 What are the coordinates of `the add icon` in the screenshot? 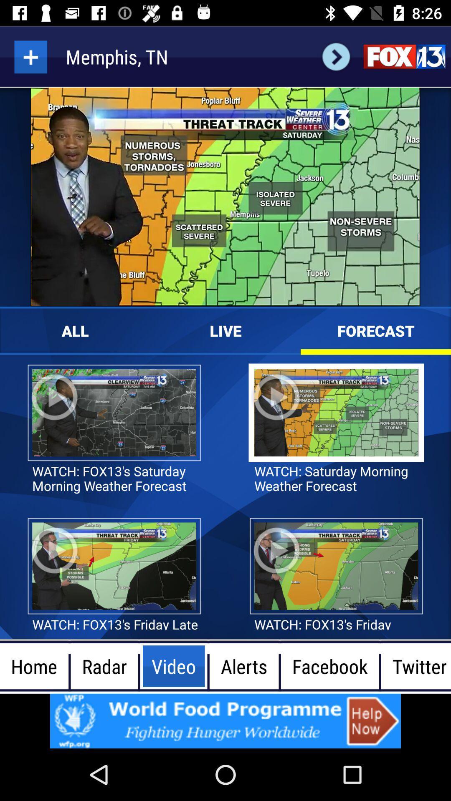 It's located at (30, 56).